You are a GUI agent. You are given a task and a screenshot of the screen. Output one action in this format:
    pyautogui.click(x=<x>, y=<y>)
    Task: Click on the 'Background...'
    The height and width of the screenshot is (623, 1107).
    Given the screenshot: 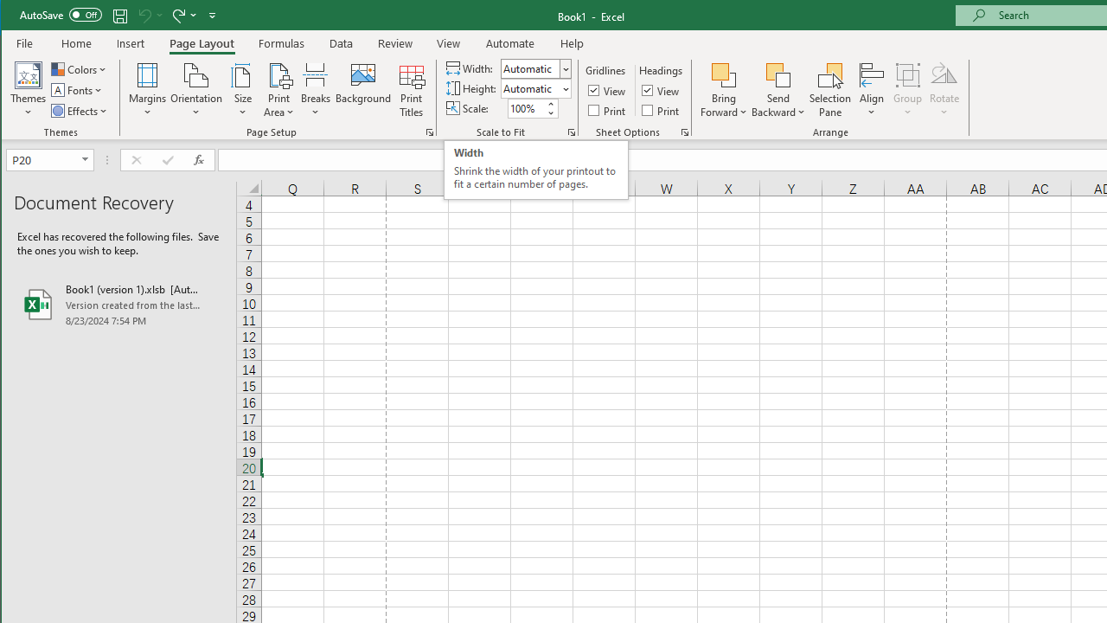 What is the action you would take?
    pyautogui.click(x=362, y=90)
    